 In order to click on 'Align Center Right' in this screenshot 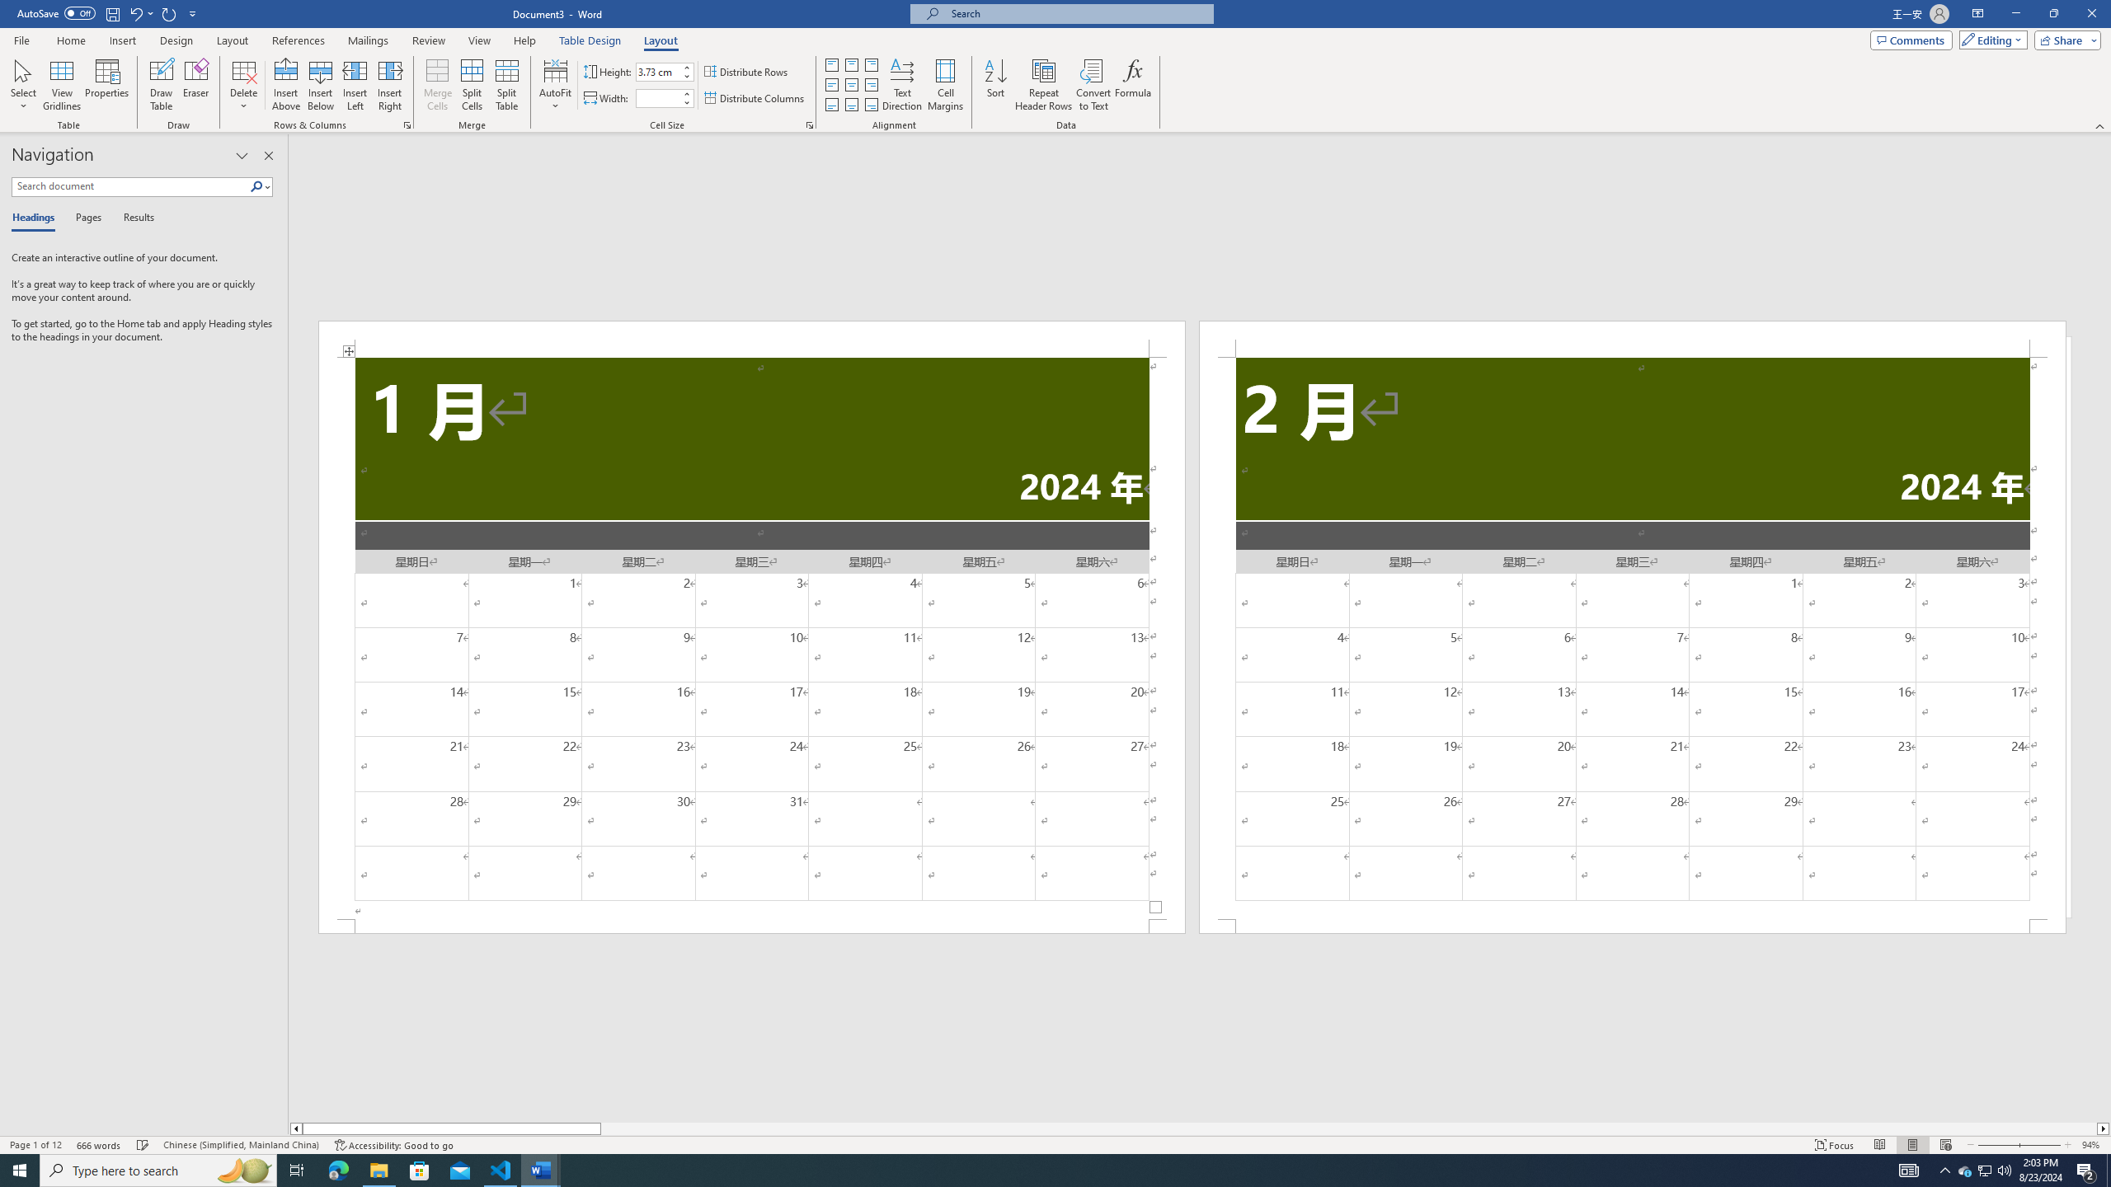, I will do `click(871, 85)`.